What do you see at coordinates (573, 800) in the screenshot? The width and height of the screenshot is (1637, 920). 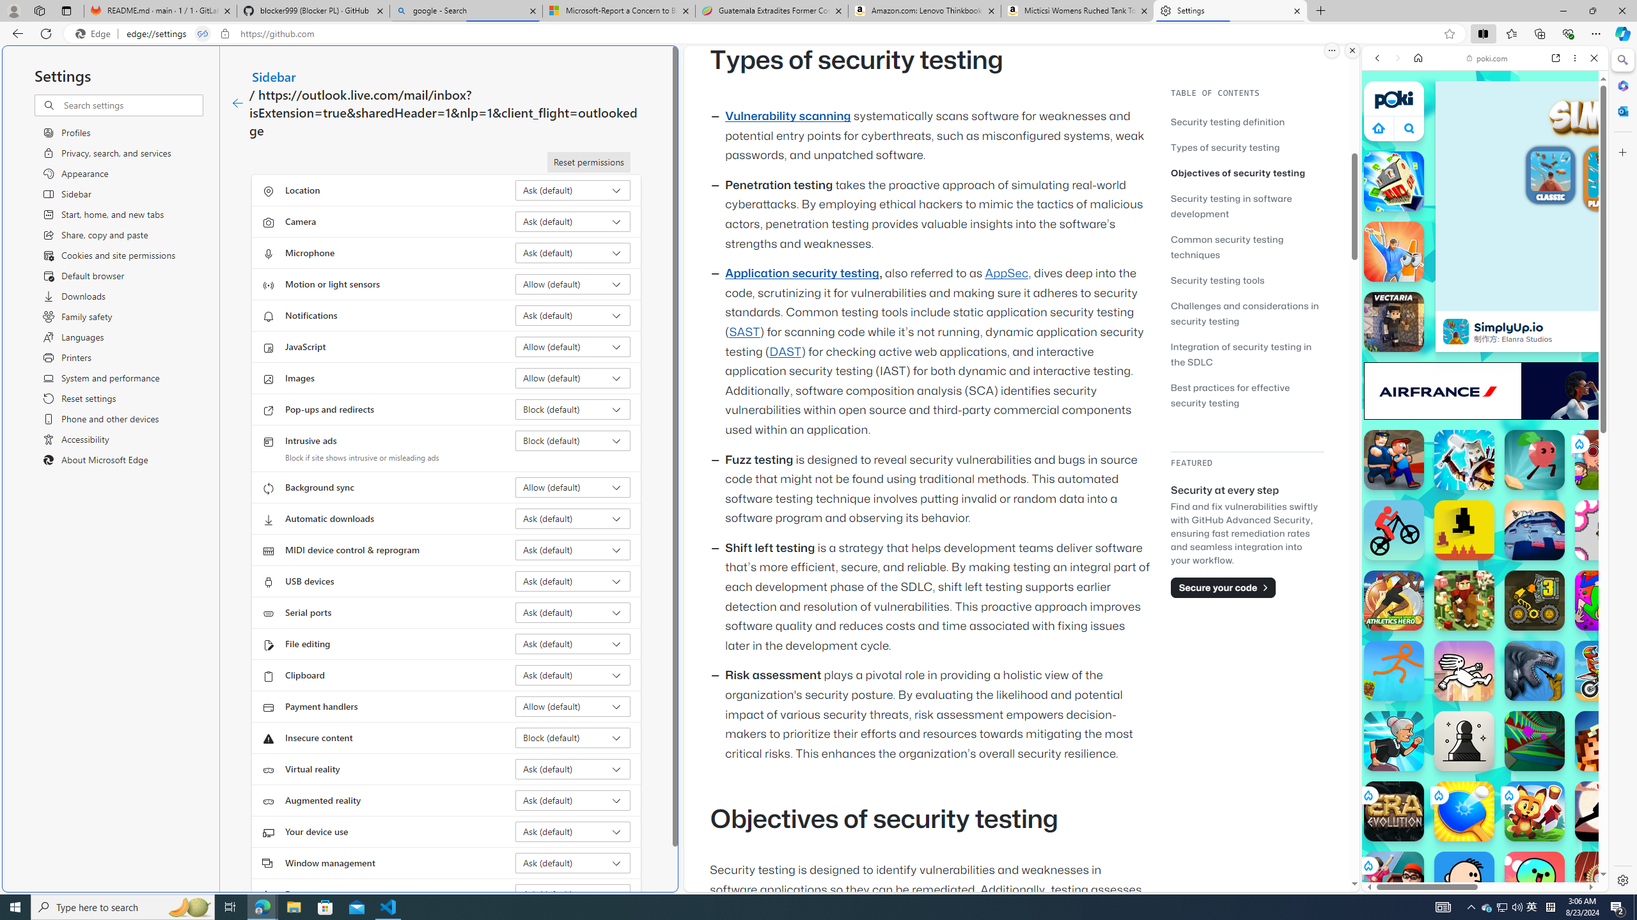 I see `'Augmented reality Ask (default)'` at bounding box center [573, 800].